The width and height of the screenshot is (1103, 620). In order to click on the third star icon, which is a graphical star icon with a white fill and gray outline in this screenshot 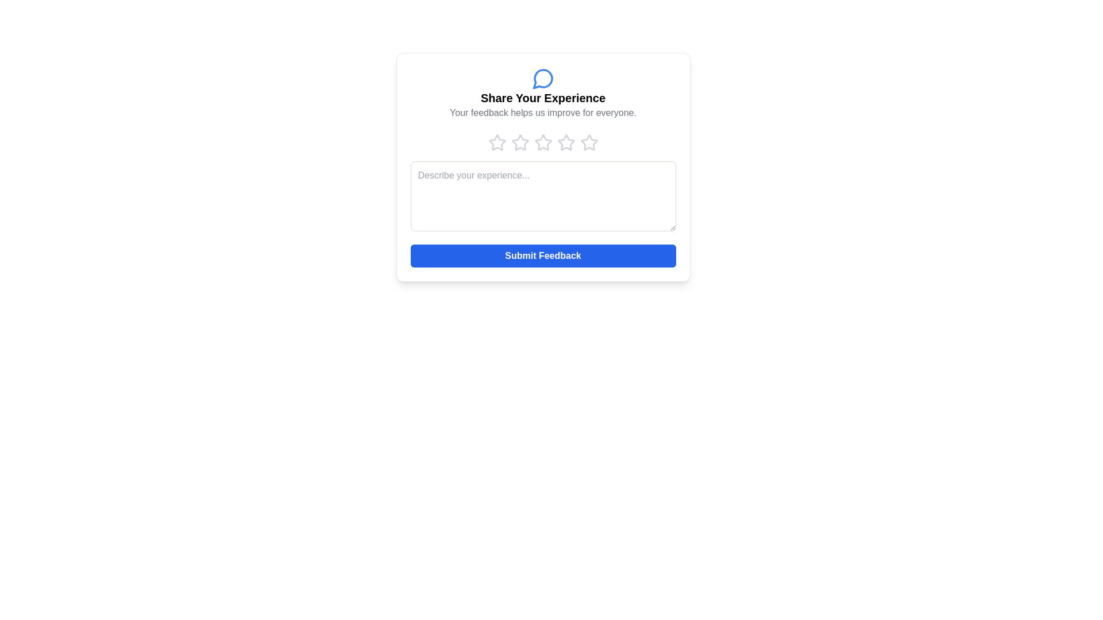, I will do `click(566, 142)`.